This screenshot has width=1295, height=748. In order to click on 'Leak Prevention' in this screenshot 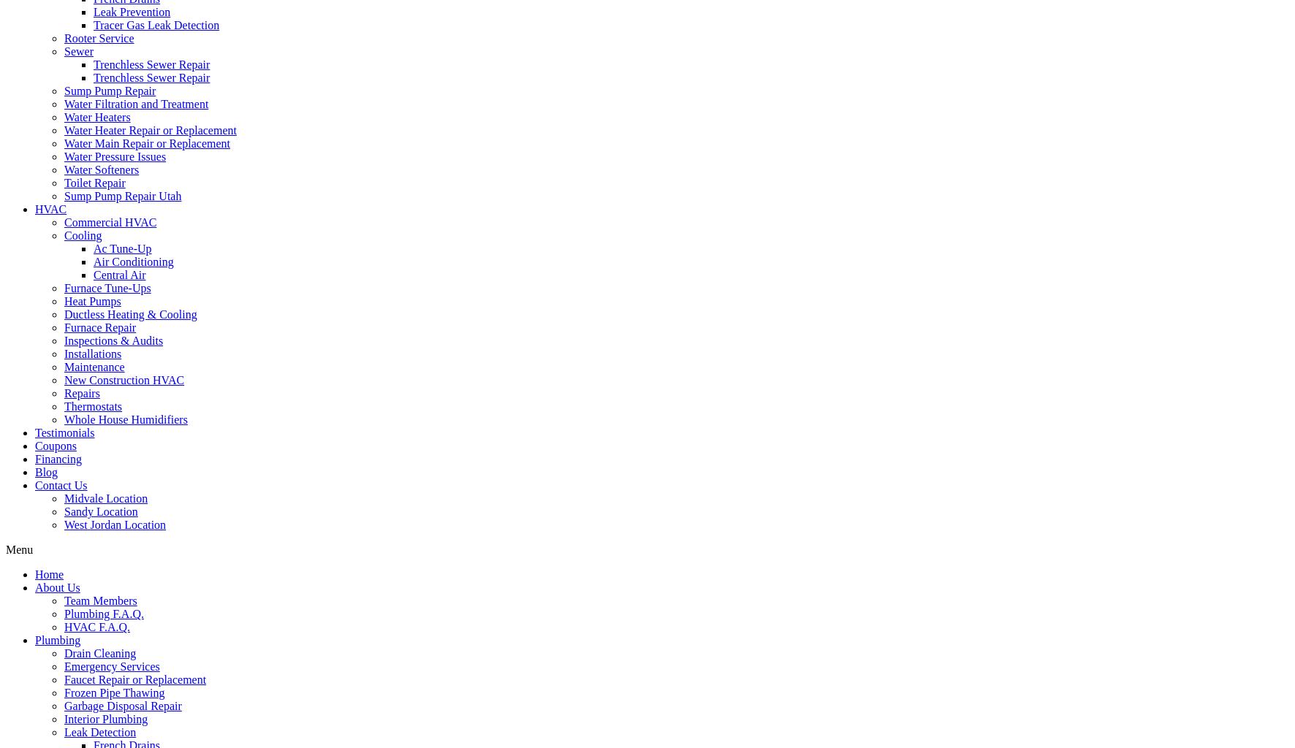, I will do `click(132, 12)`.